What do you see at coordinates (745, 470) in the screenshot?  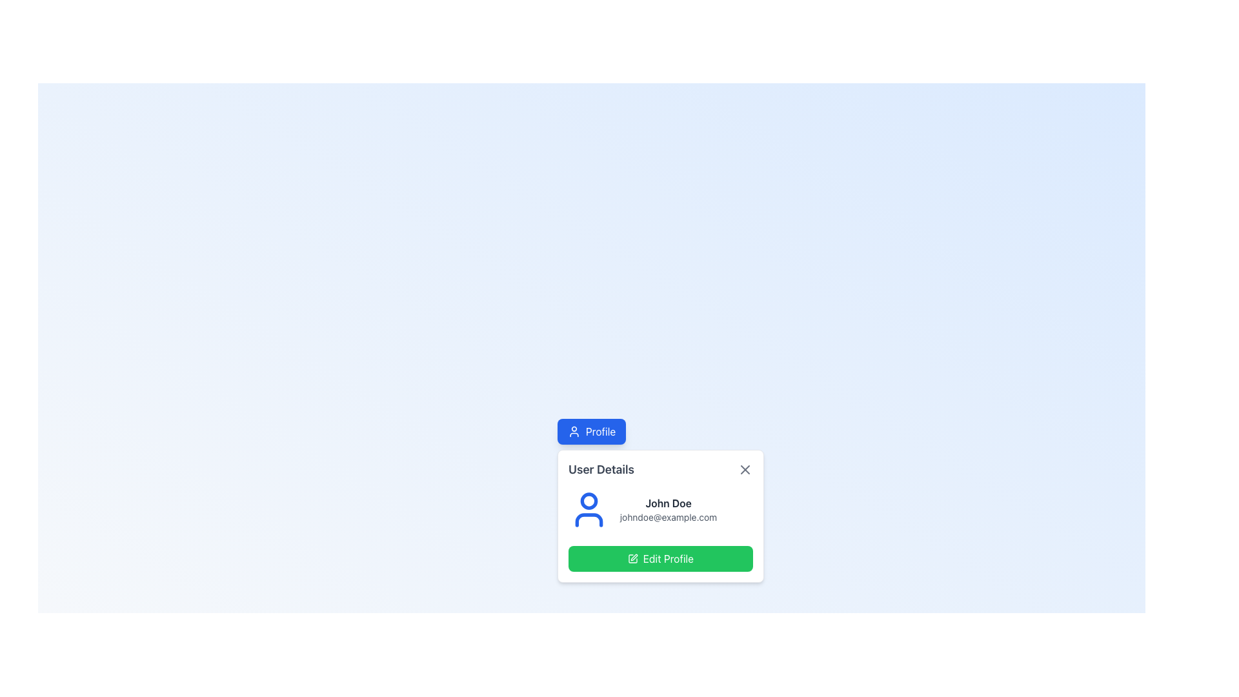 I see `the close SVG icon located at the top-right corner of the 'User Details' section` at bounding box center [745, 470].